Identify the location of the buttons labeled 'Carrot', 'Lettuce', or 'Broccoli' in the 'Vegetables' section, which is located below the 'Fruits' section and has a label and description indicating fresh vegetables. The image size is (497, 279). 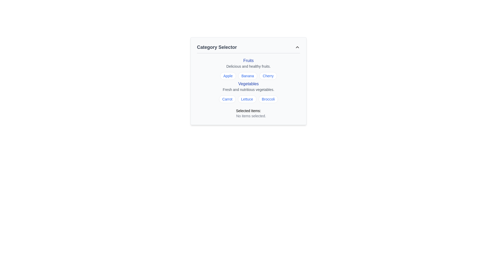
(248, 92).